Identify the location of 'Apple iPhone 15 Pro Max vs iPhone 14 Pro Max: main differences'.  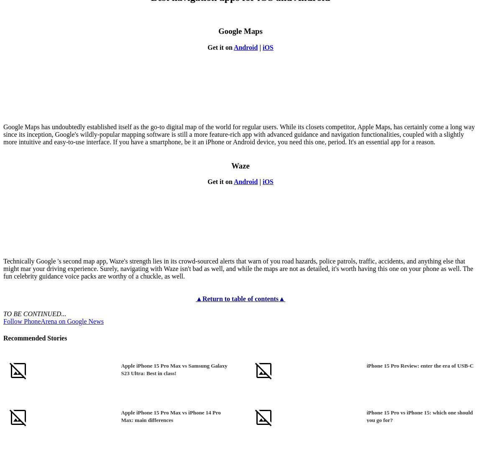
(171, 415).